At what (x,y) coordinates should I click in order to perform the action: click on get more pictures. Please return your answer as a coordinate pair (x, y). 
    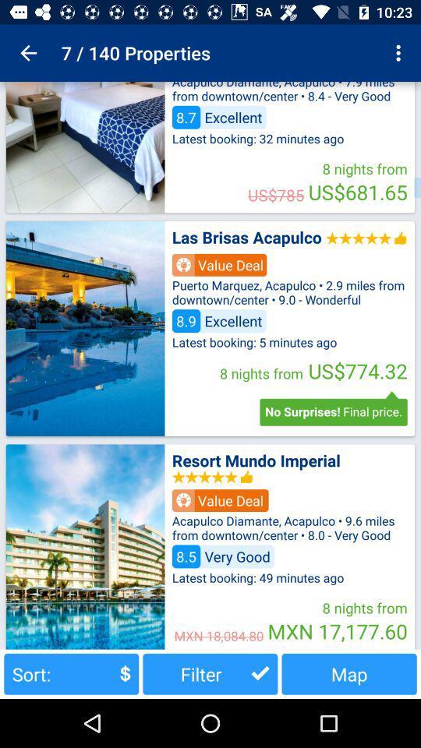
    Looking at the image, I should click on (85, 147).